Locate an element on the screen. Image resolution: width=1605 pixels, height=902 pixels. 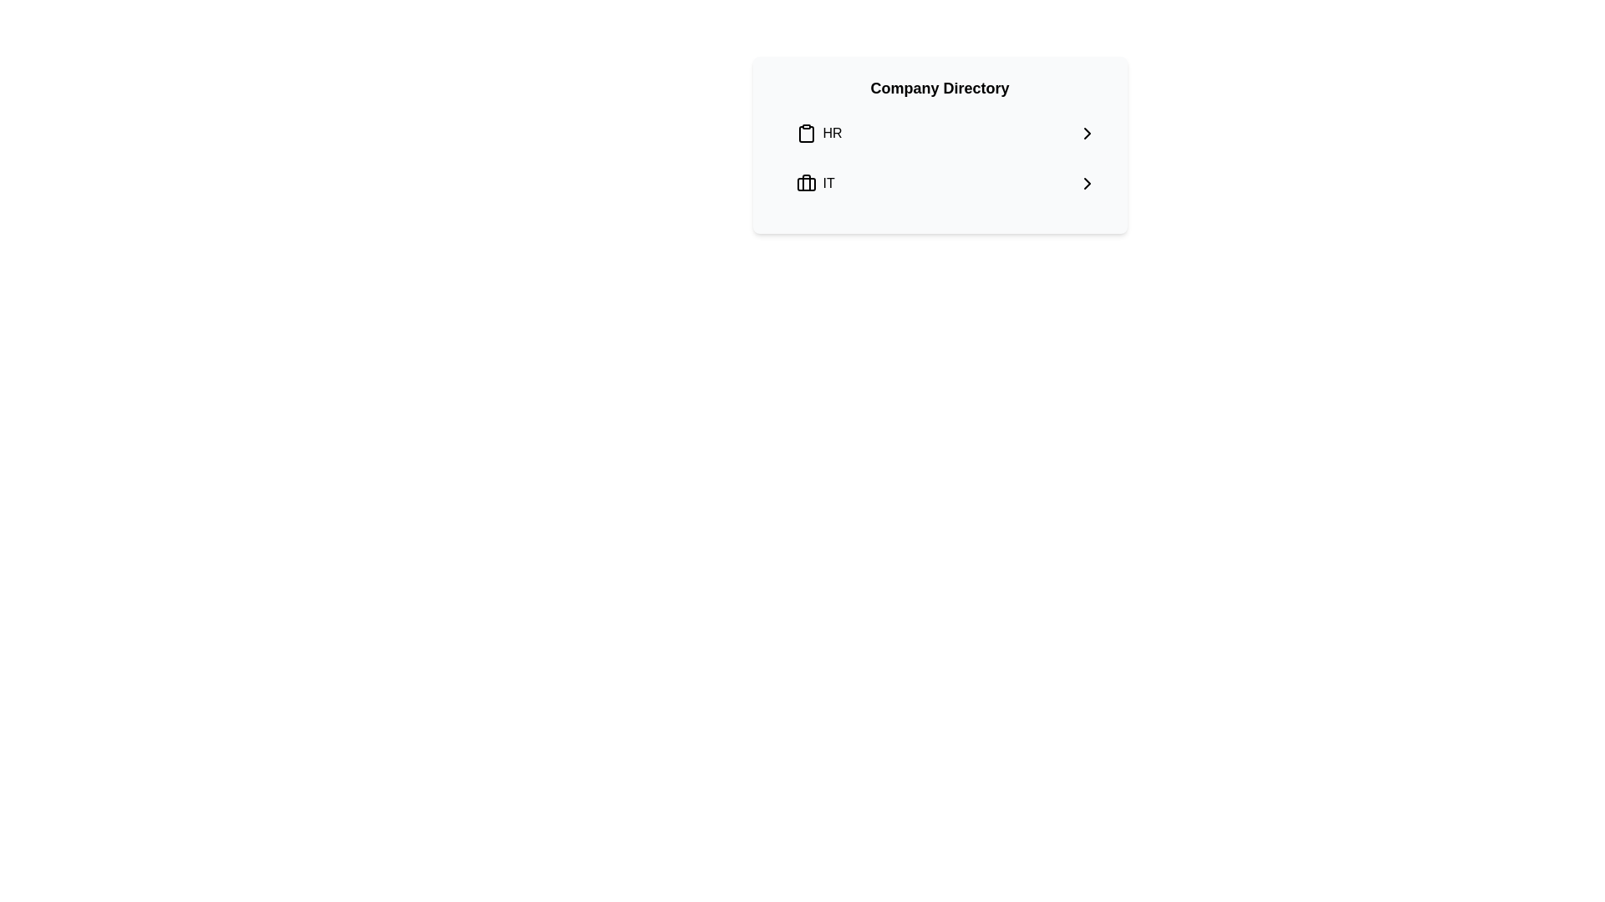
the chevron icon located in the 'IT' row of the Company Directory section, which is positioned to the right of the text 'IT' is located at coordinates (1087, 183).